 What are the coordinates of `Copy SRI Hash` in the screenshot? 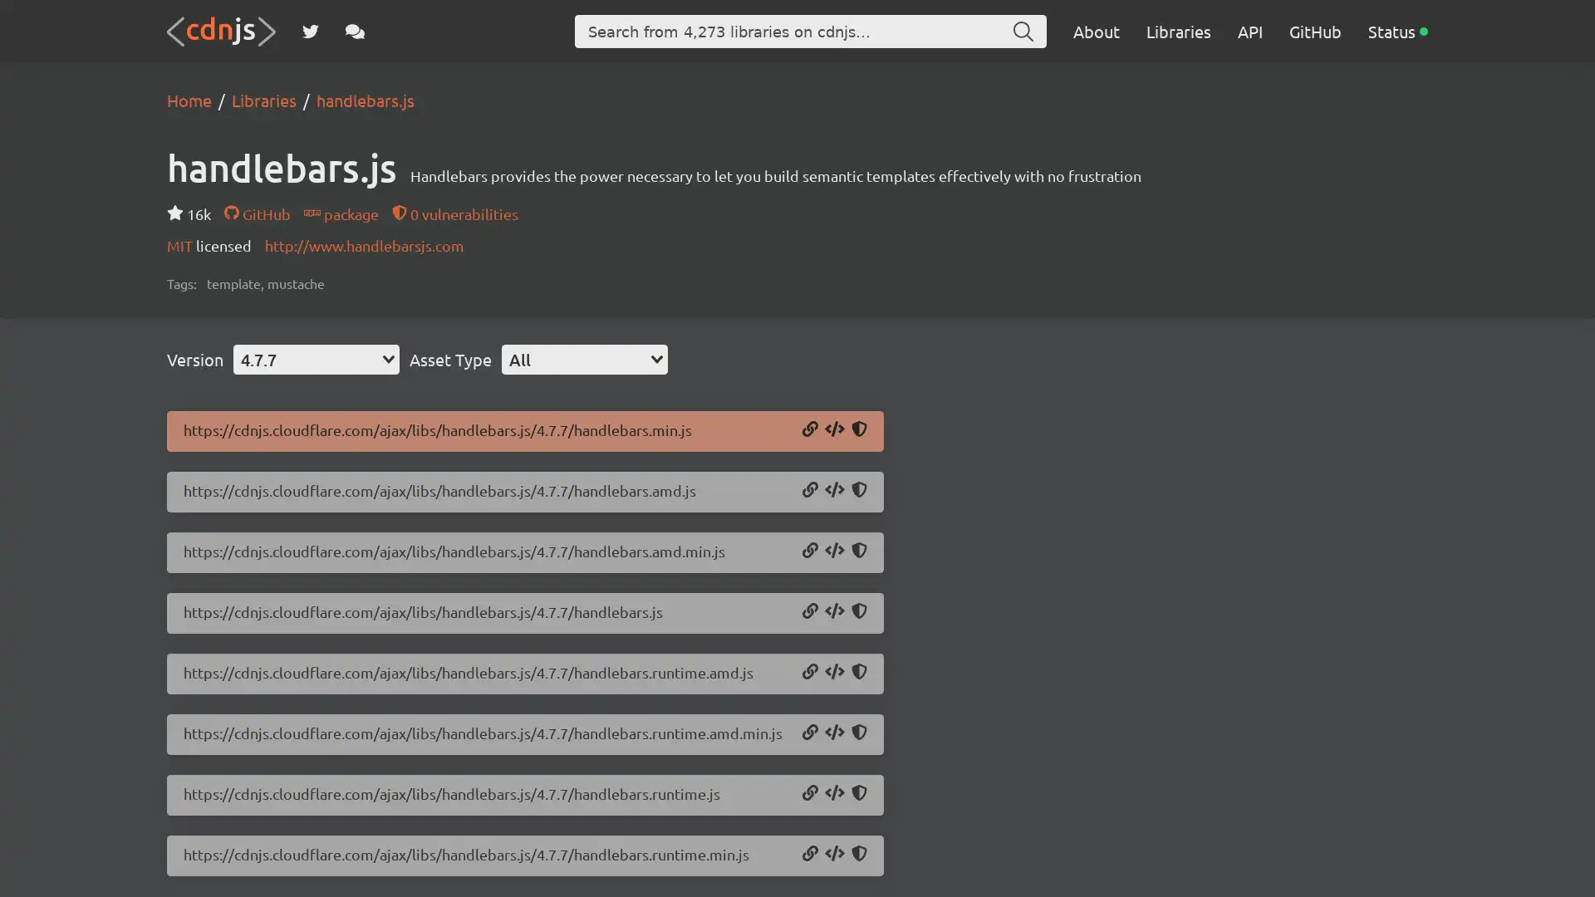 It's located at (859, 855).